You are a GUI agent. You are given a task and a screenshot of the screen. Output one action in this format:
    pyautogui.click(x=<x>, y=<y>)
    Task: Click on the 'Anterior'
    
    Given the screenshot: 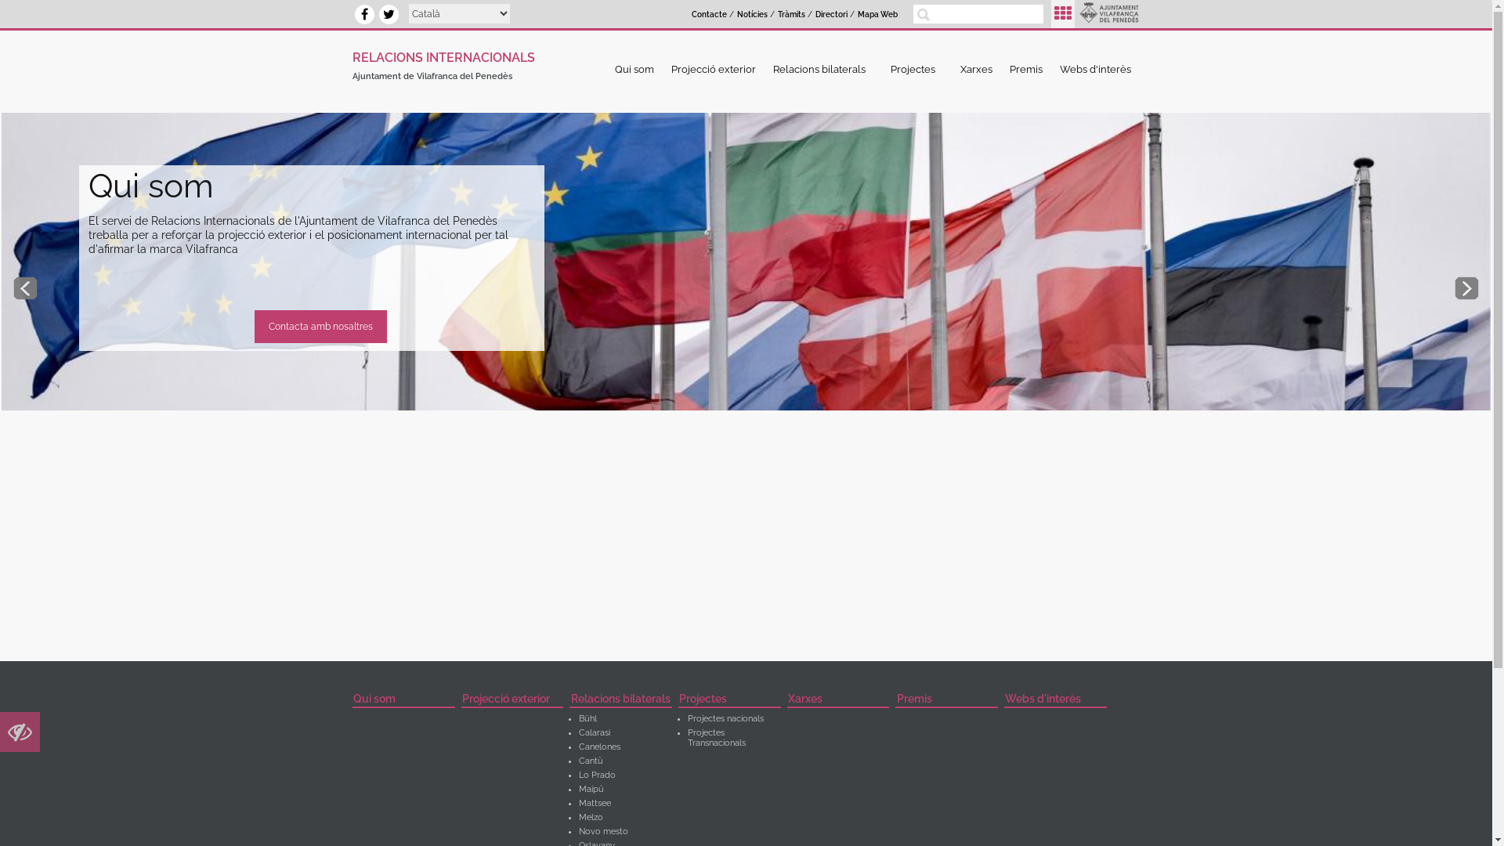 What is the action you would take?
    pyautogui.click(x=25, y=287)
    